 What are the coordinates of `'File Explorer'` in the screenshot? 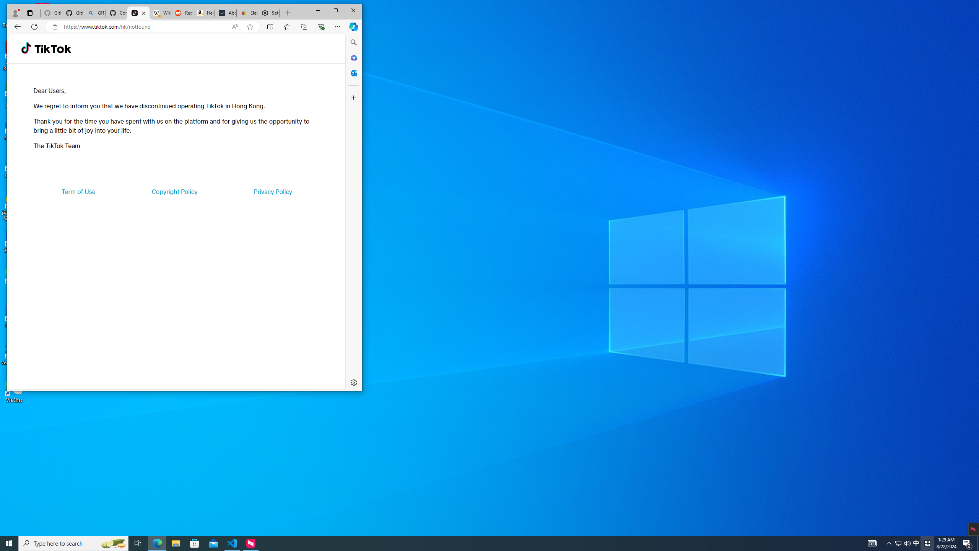 It's located at (175, 543).